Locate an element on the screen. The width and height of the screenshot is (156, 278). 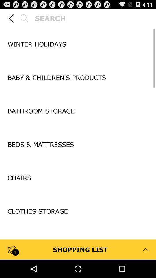
cooking app is located at coordinates (78, 244).